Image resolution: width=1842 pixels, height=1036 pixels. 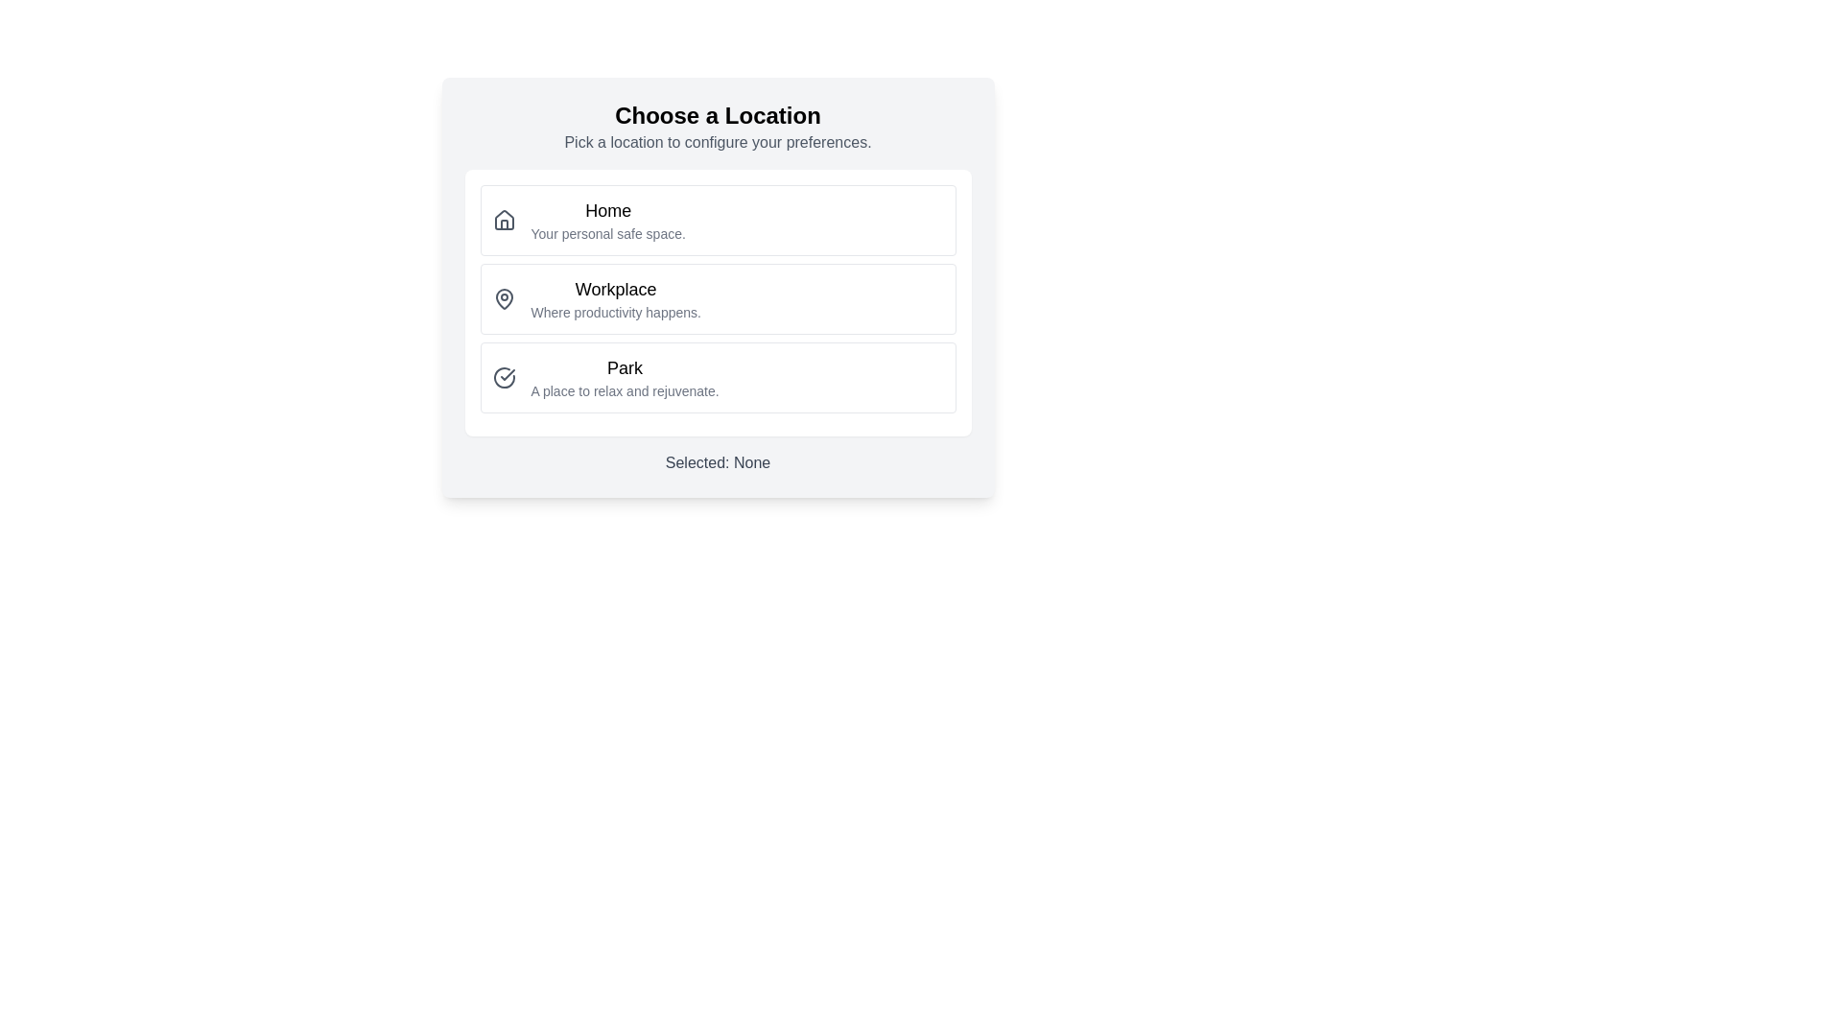 I want to click on the static text label that identifies the first option in the series of selectable cards, located within the topmost card under the heading 'Choose a Location' and above the subtitle 'Your personal safe space.', so click(x=607, y=210).